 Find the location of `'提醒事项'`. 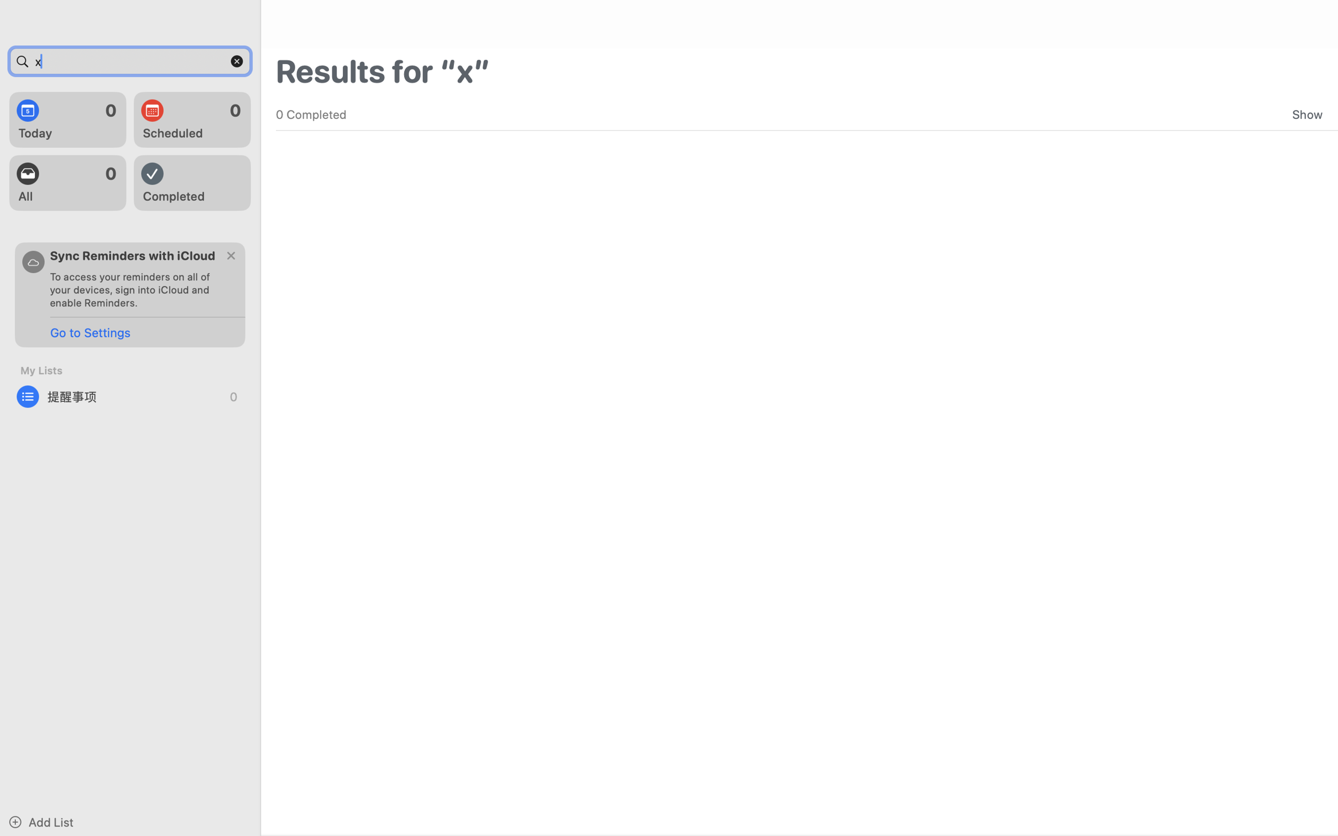

'提醒事项' is located at coordinates (130, 396).